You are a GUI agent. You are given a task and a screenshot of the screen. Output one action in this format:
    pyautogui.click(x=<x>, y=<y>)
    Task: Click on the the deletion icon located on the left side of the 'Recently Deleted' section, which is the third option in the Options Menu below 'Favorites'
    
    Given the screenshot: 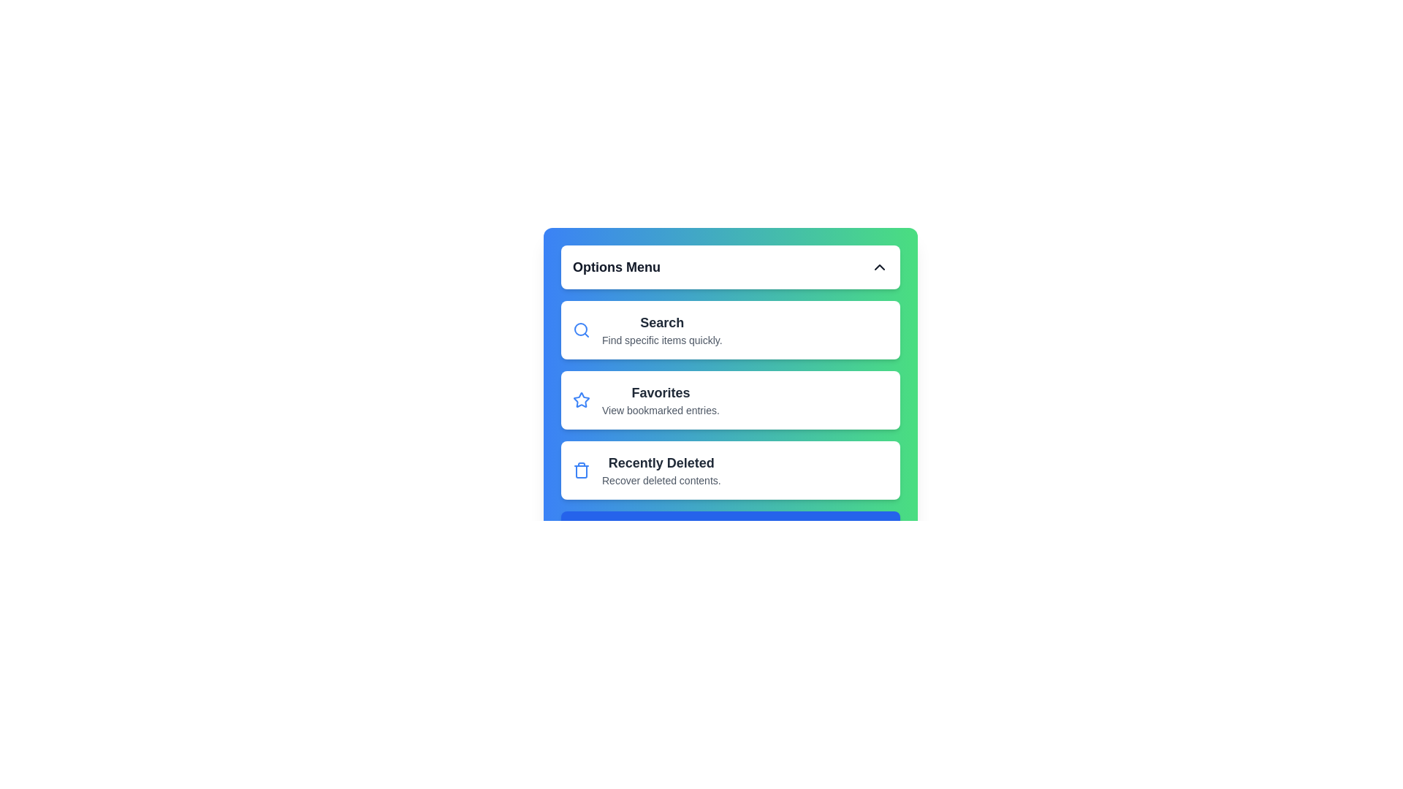 What is the action you would take?
    pyautogui.click(x=581, y=470)
    